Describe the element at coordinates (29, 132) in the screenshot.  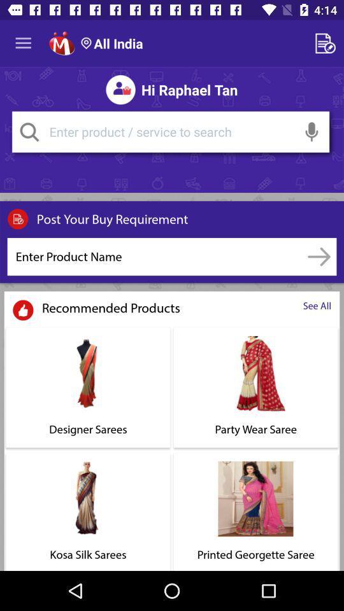
I see `tag the search bar` at that location.